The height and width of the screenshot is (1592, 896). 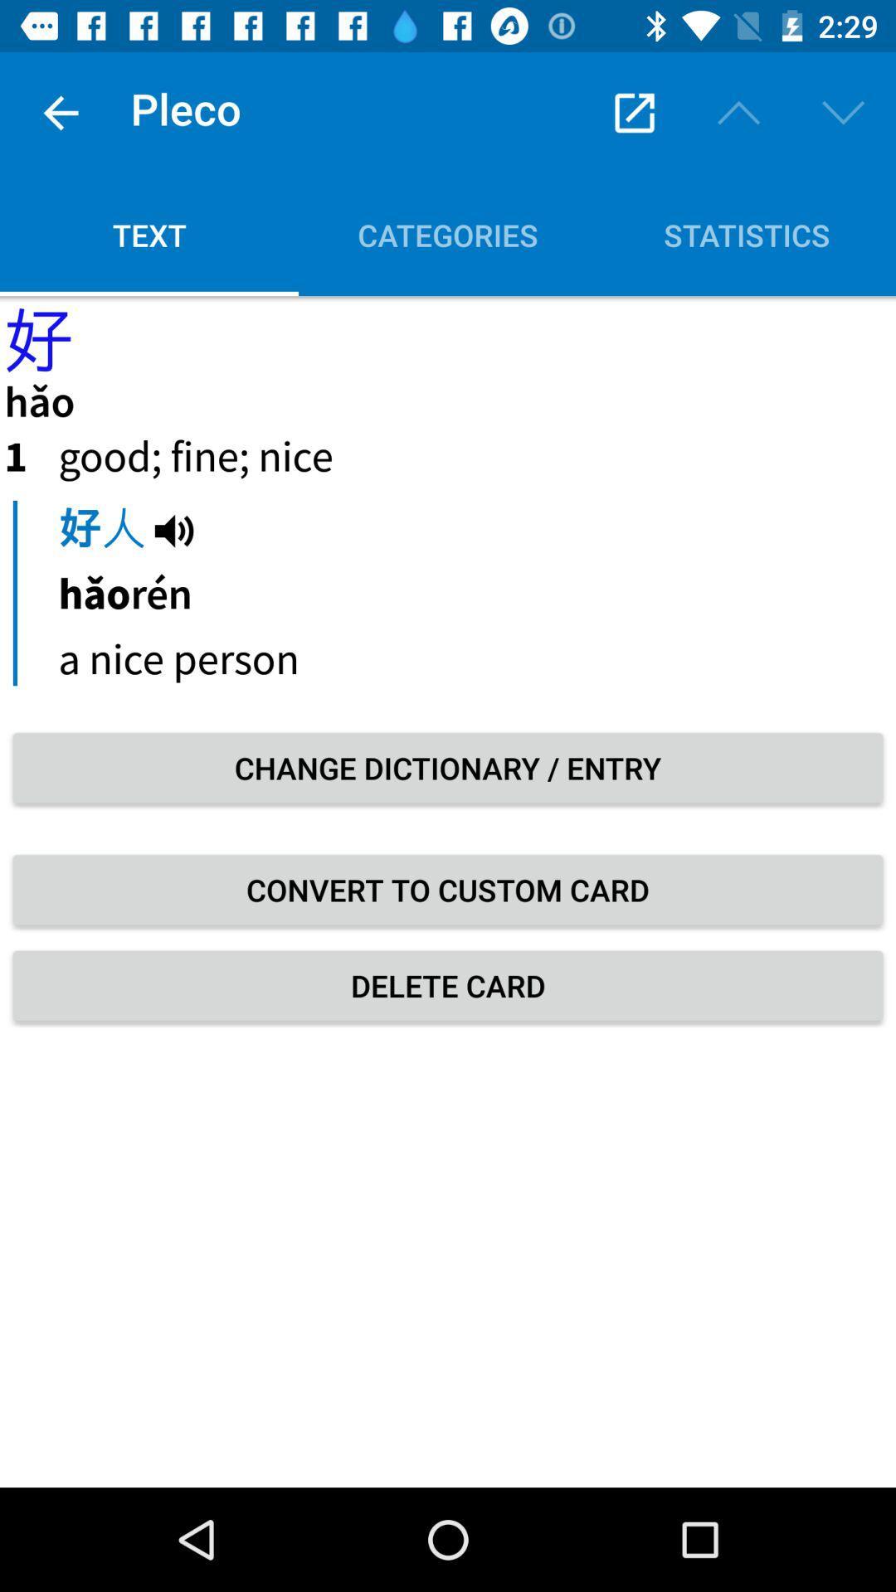 I want to click on the categories item, so click(x=448, y=234).